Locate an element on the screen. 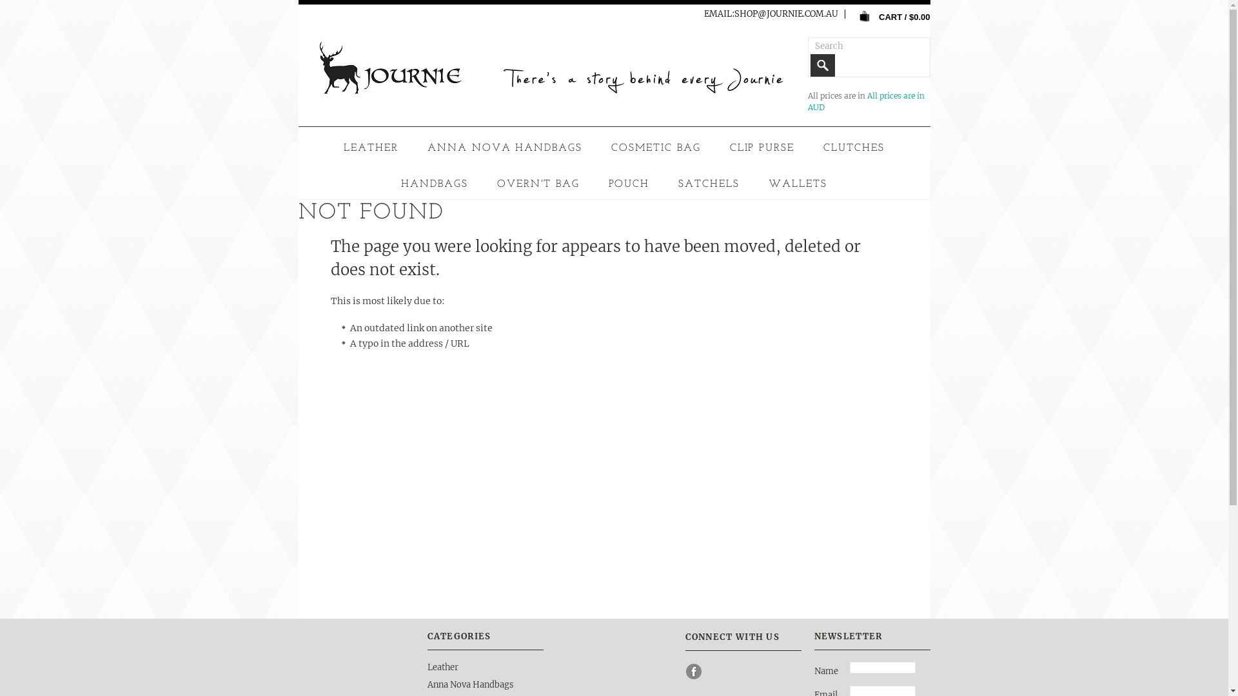 The image size is (1238, 696). 'Search' is located at coordinates (821, 65).